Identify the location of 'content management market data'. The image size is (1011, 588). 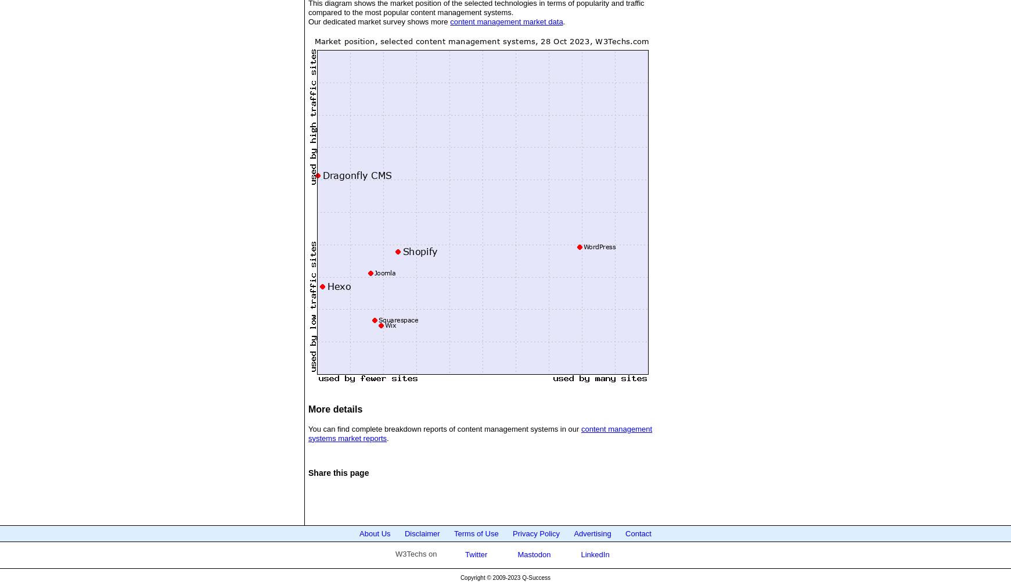
(506, 20).